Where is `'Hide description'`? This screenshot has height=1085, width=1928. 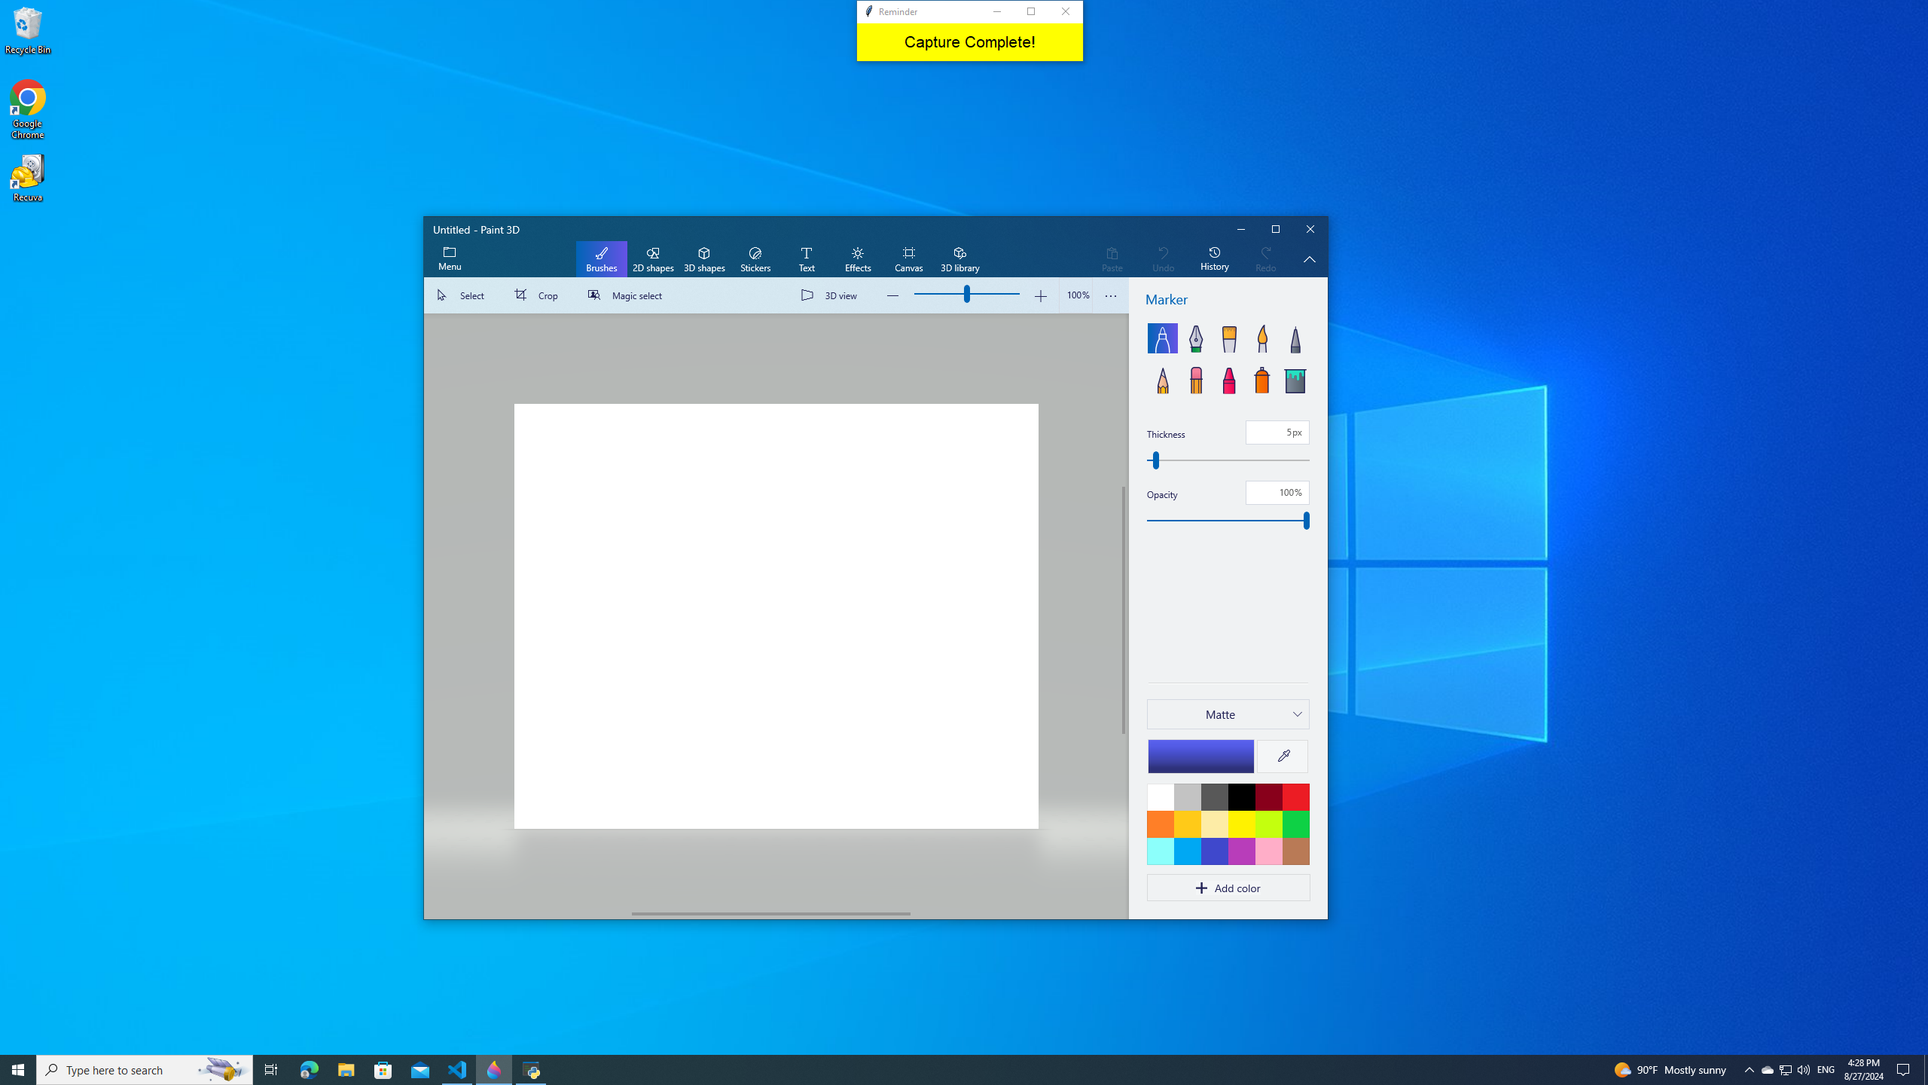 'Hide description' is located at coordinates (1309, 259).